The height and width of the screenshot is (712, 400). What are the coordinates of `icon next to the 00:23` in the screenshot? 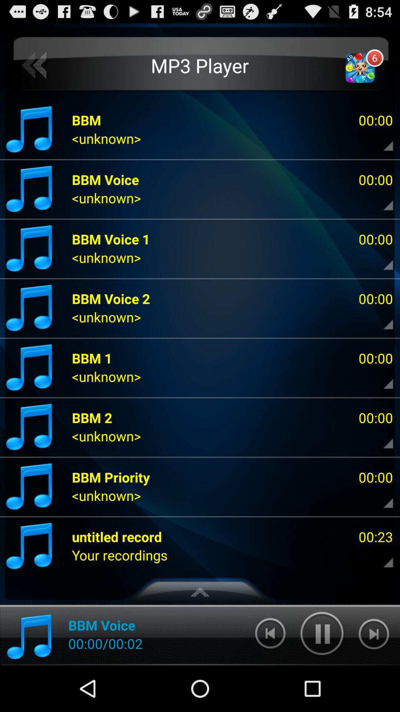 It's located at (119, 555).